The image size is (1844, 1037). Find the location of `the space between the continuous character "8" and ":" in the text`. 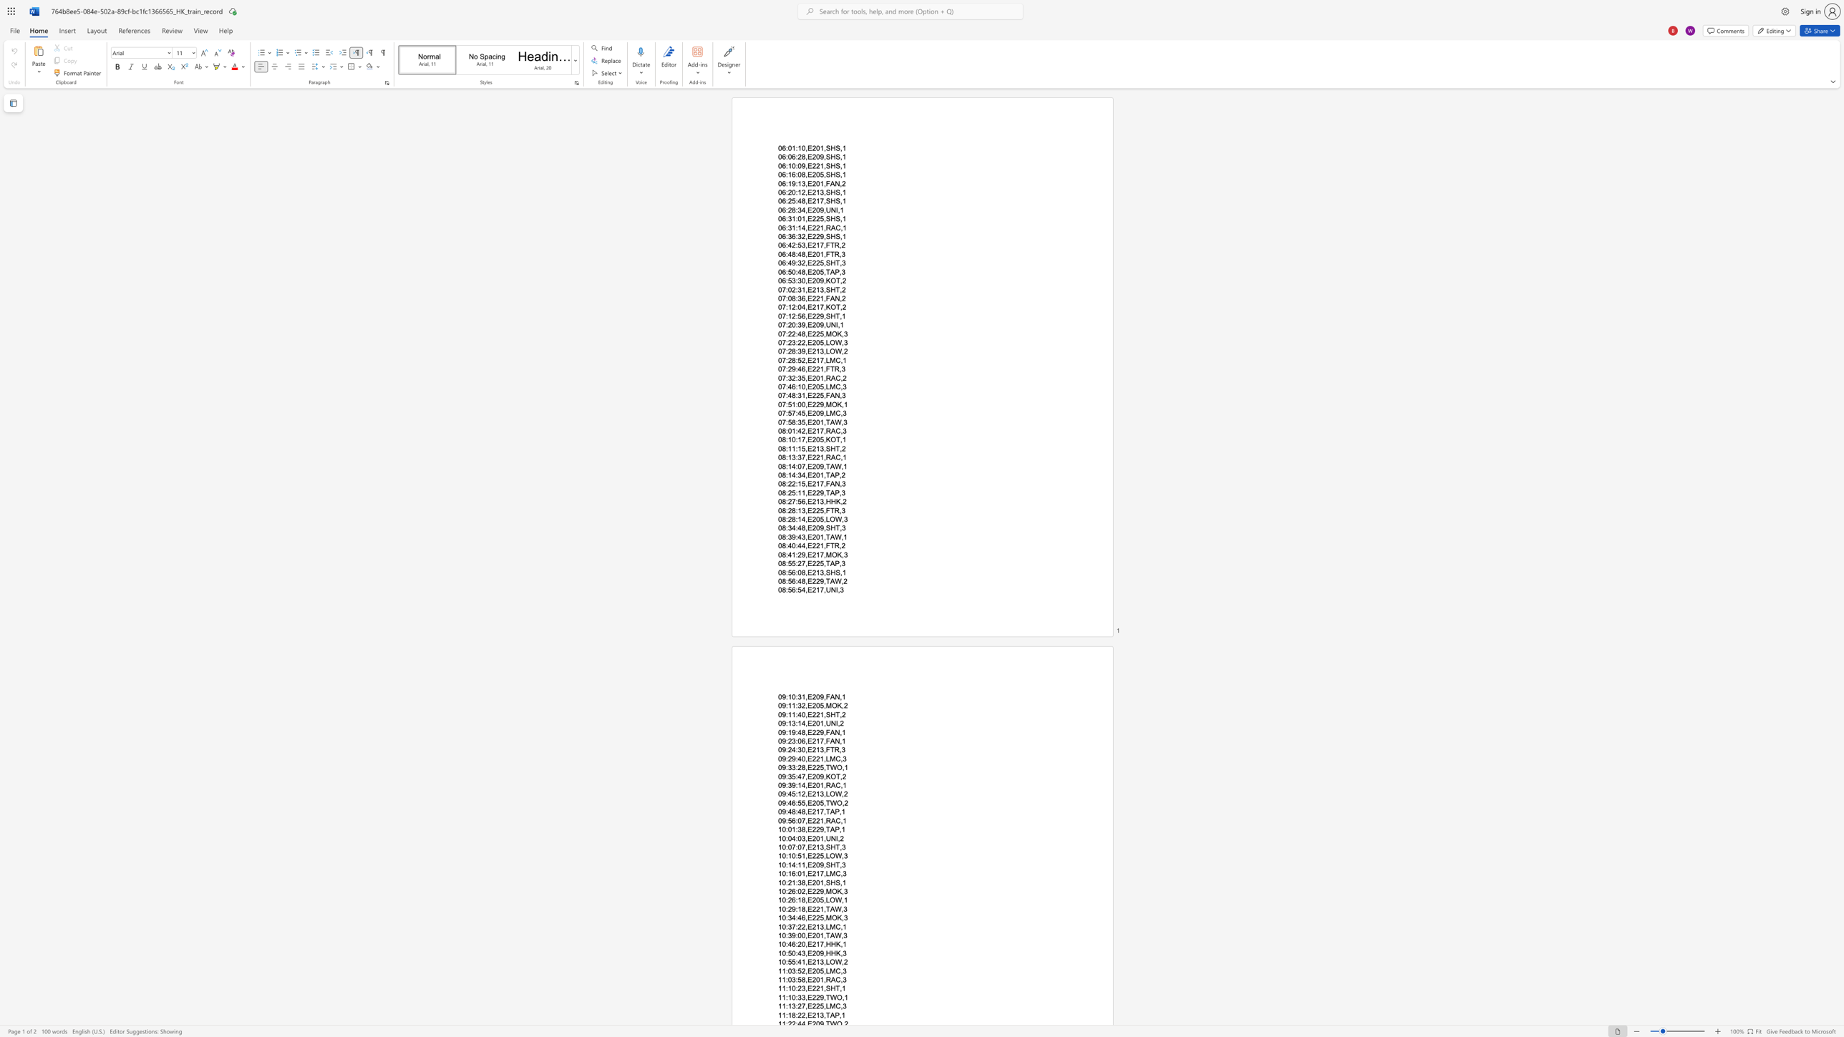

the space between the continuous character "8" and ":" in the text is located at coordinates (785, 563).